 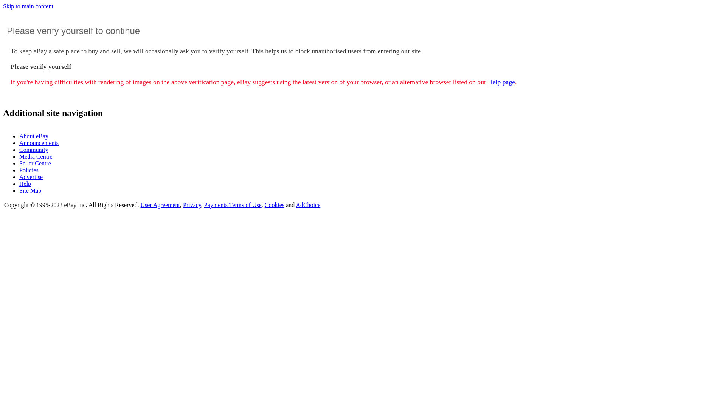 I want to click on 'Policies', so click(x=29, y=170).